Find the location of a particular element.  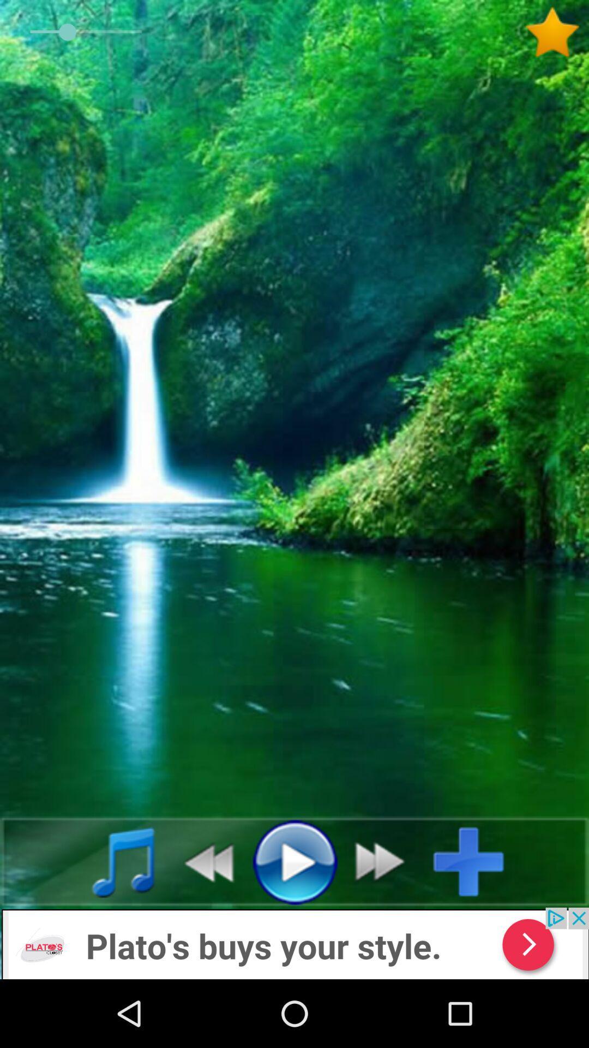

the star icon is located at coordinates (556, 32).